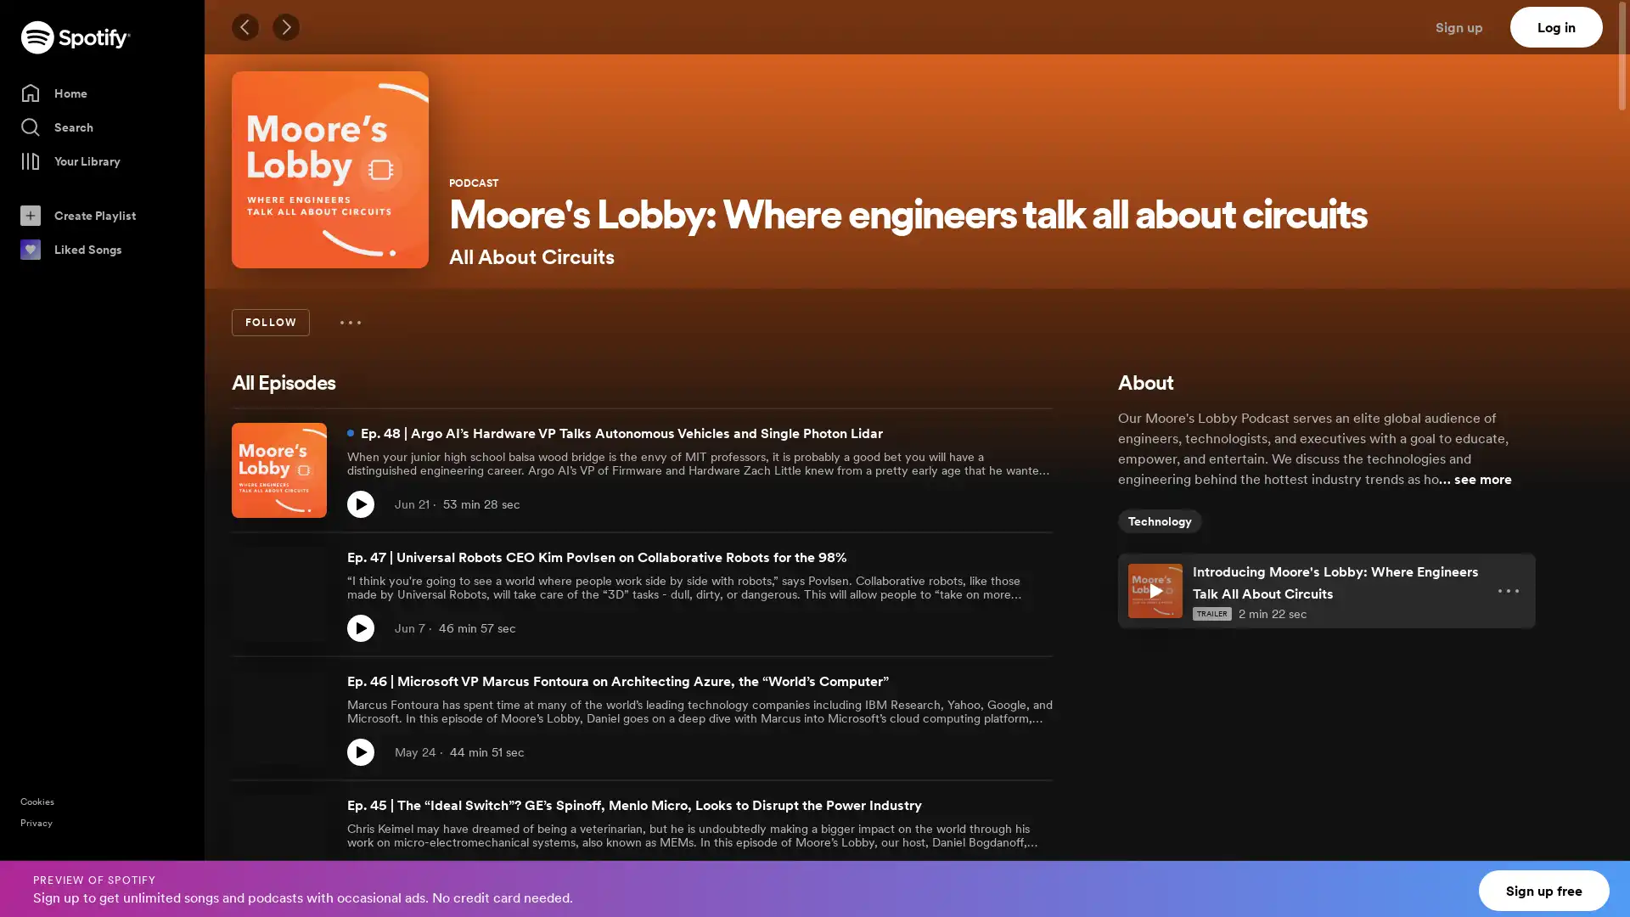  I want to click on Log in, so click(1556, 26).